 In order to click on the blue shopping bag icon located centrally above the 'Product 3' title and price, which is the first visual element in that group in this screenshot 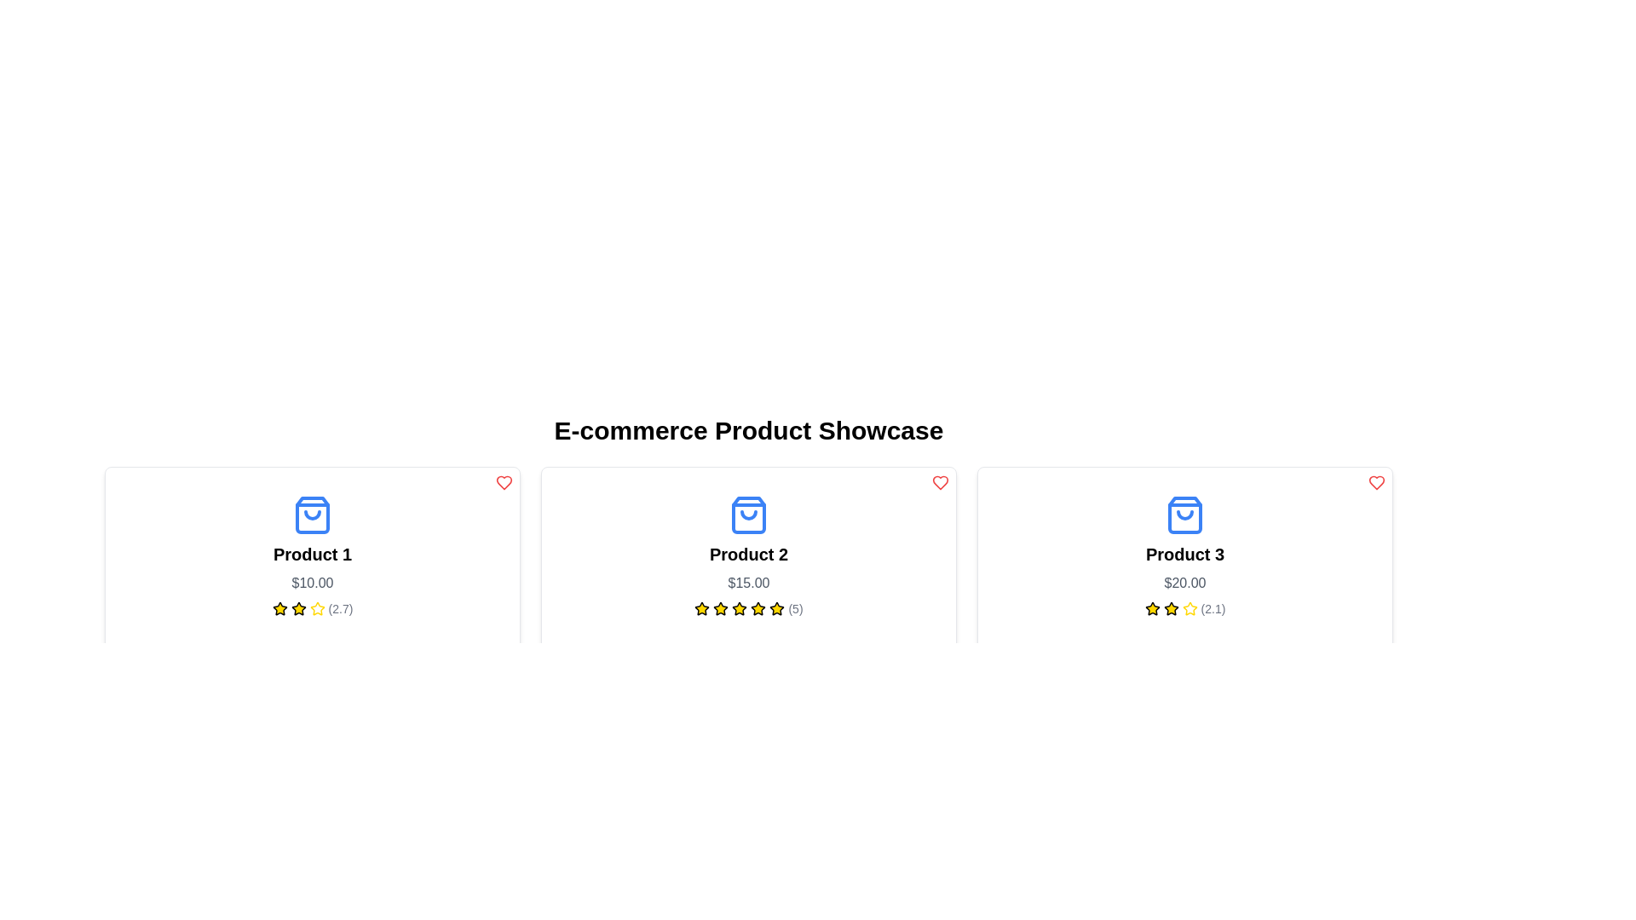, I will do `click(1184, 515)`.